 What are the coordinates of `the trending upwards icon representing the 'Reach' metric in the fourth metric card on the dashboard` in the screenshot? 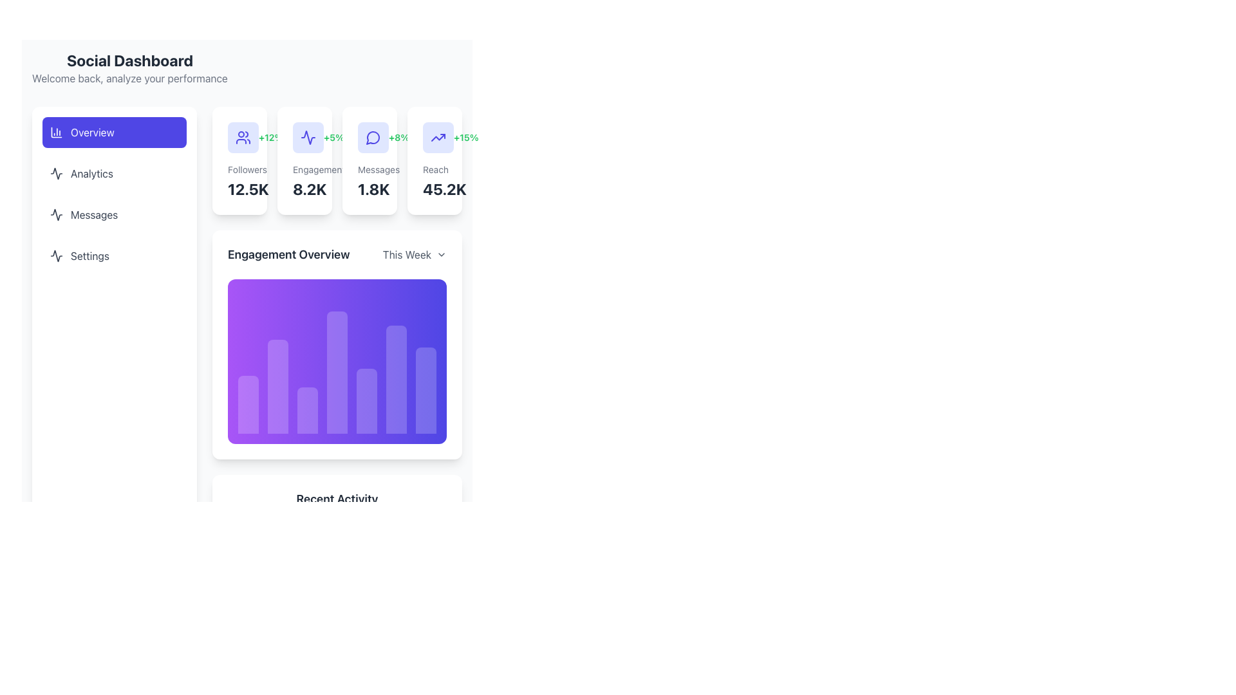 It's located at (438, 137).